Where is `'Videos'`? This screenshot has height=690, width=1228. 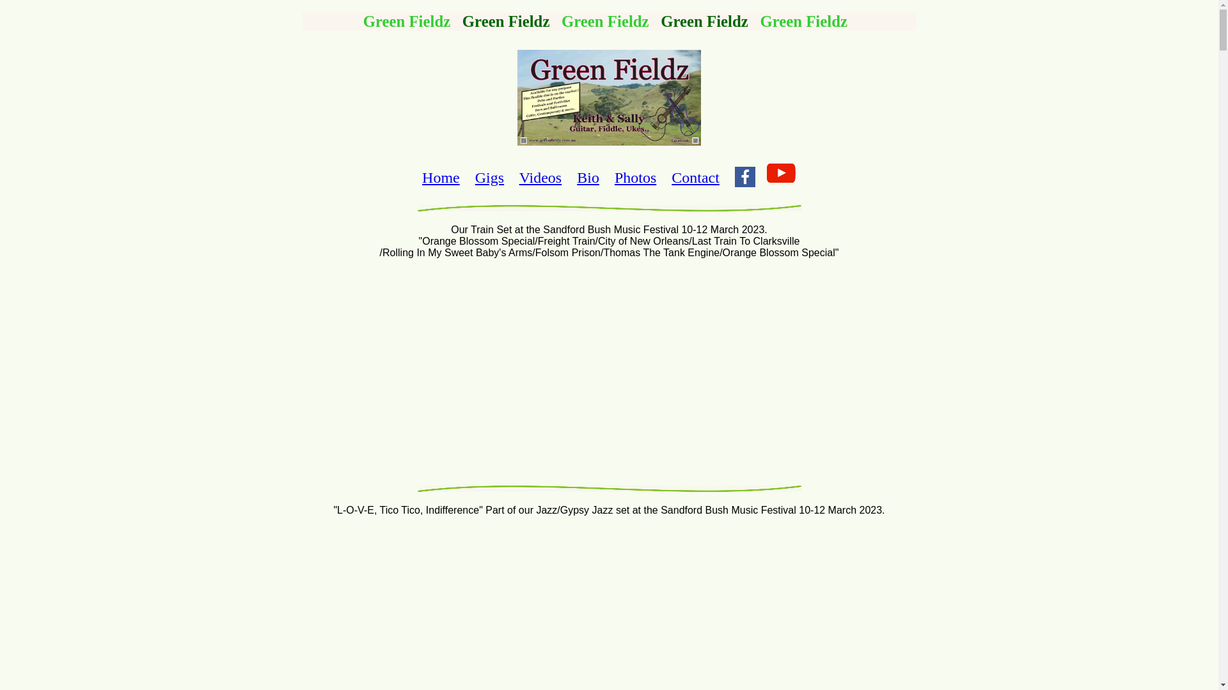 'Videos' is located at coordinates (540, 177).